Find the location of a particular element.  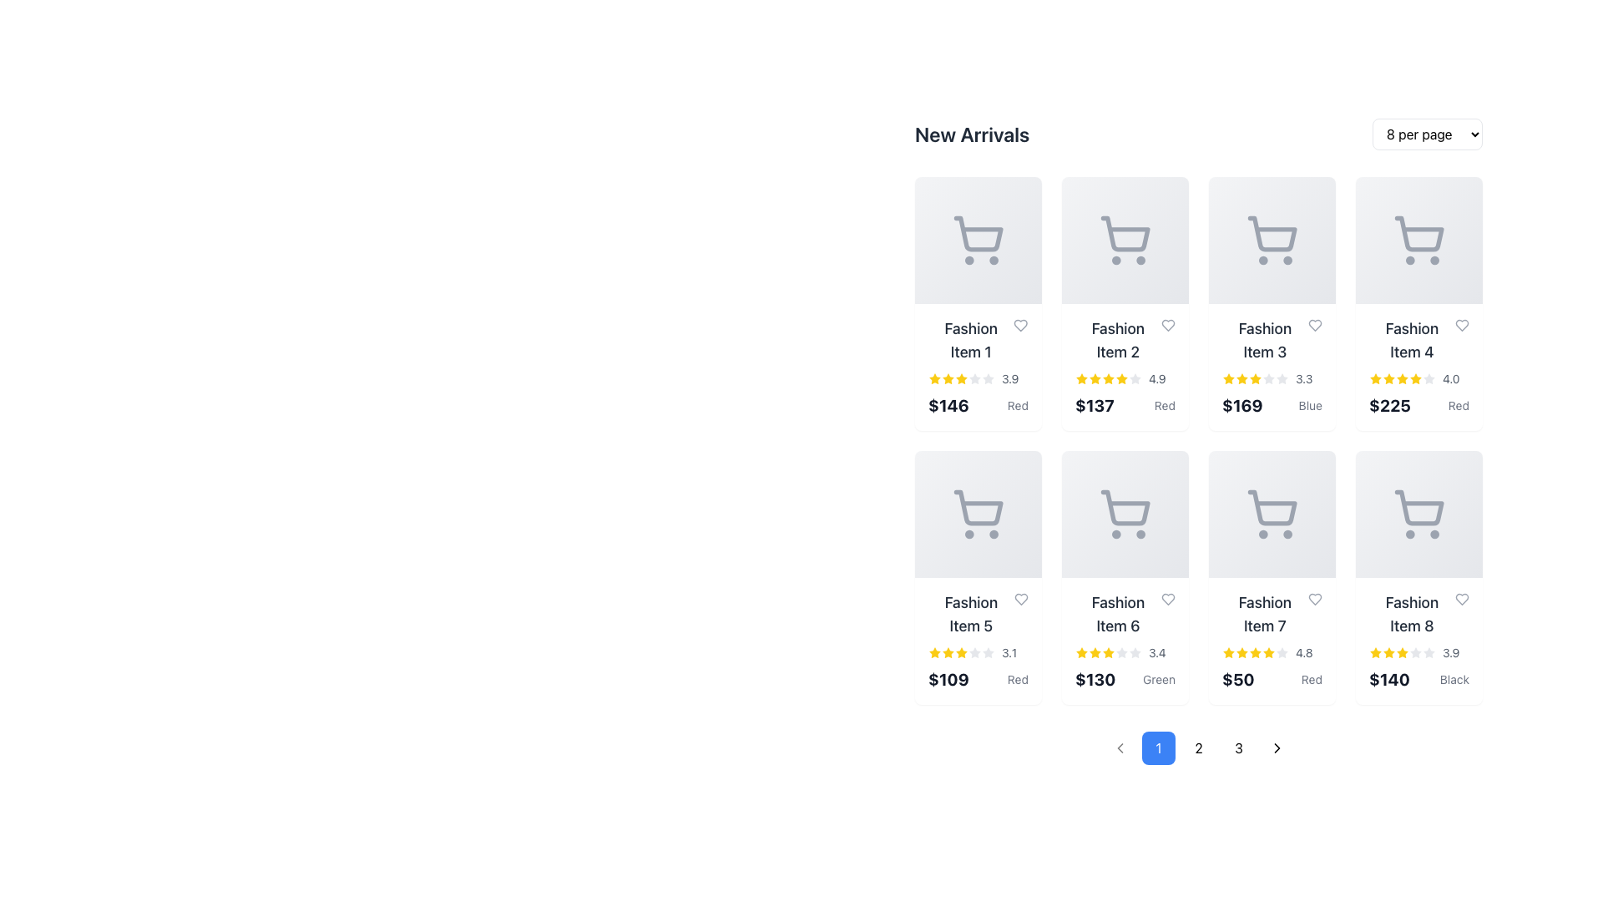

the star icon representing the rating for the 'Fashion Item 4' product in the 'New Arrivals' grid to interpret its quality or popularity is located at coordinates (1429, 378).